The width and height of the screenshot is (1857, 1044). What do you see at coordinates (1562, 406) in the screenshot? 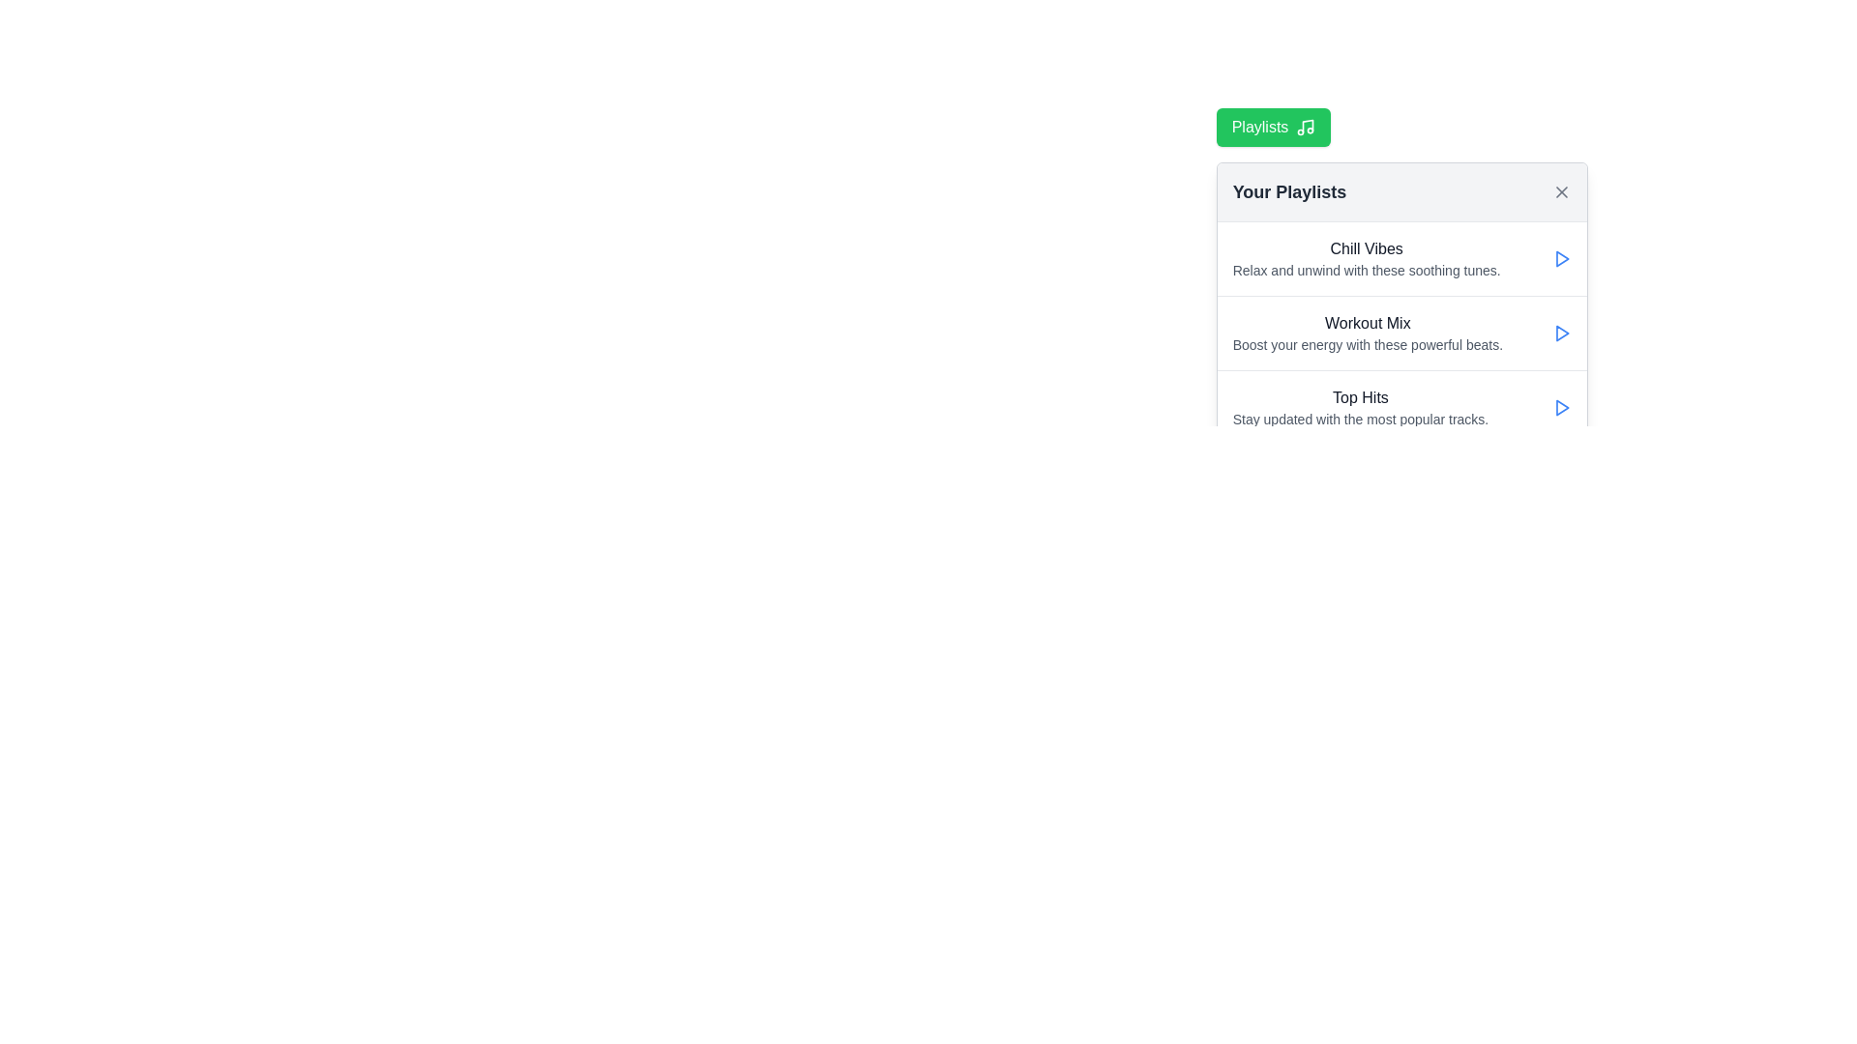
I see `the SVG graphic element resembling a play button located in the 'Your Playlists' section, to the right of the 'Chill Vibes' text entry` at bounding box center [1562, 406].